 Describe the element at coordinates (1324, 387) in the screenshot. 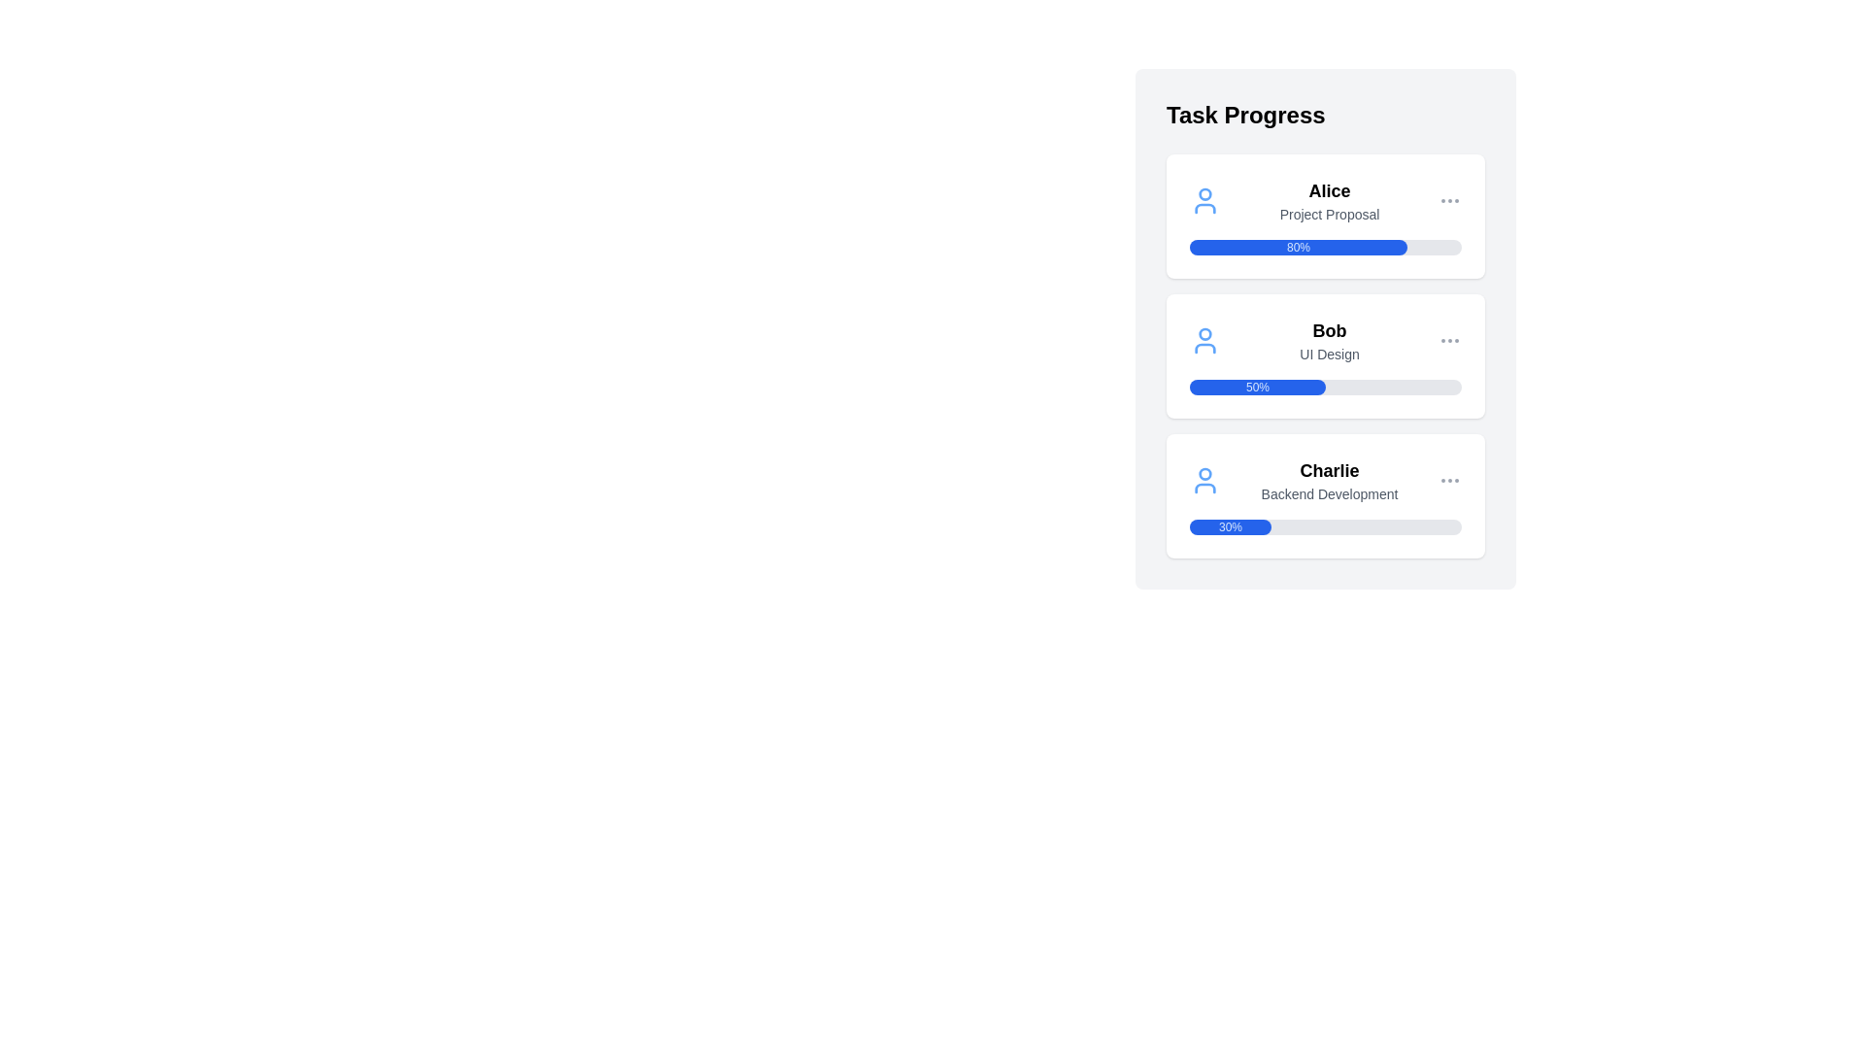

I see `the progress bar representing 50% progress in the second card labeled 'Bob' within the 'Task Progress' section` at that location.